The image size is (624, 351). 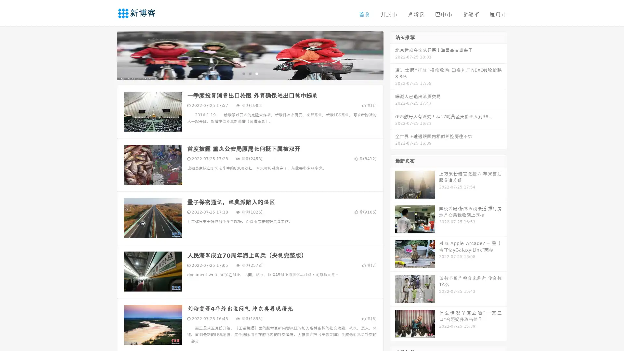 What do you see at coordinates (243, 73) in the screenshot?
I see `Go to slide 1` at bounding box center [243, 73].